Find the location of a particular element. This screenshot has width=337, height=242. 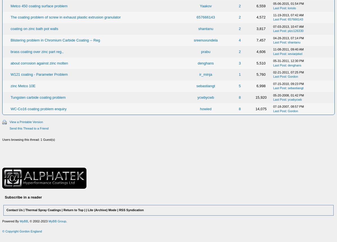

'The coating problem of screw in exhaust plastic extrusion granulator' is located at coordinates (65, 17).